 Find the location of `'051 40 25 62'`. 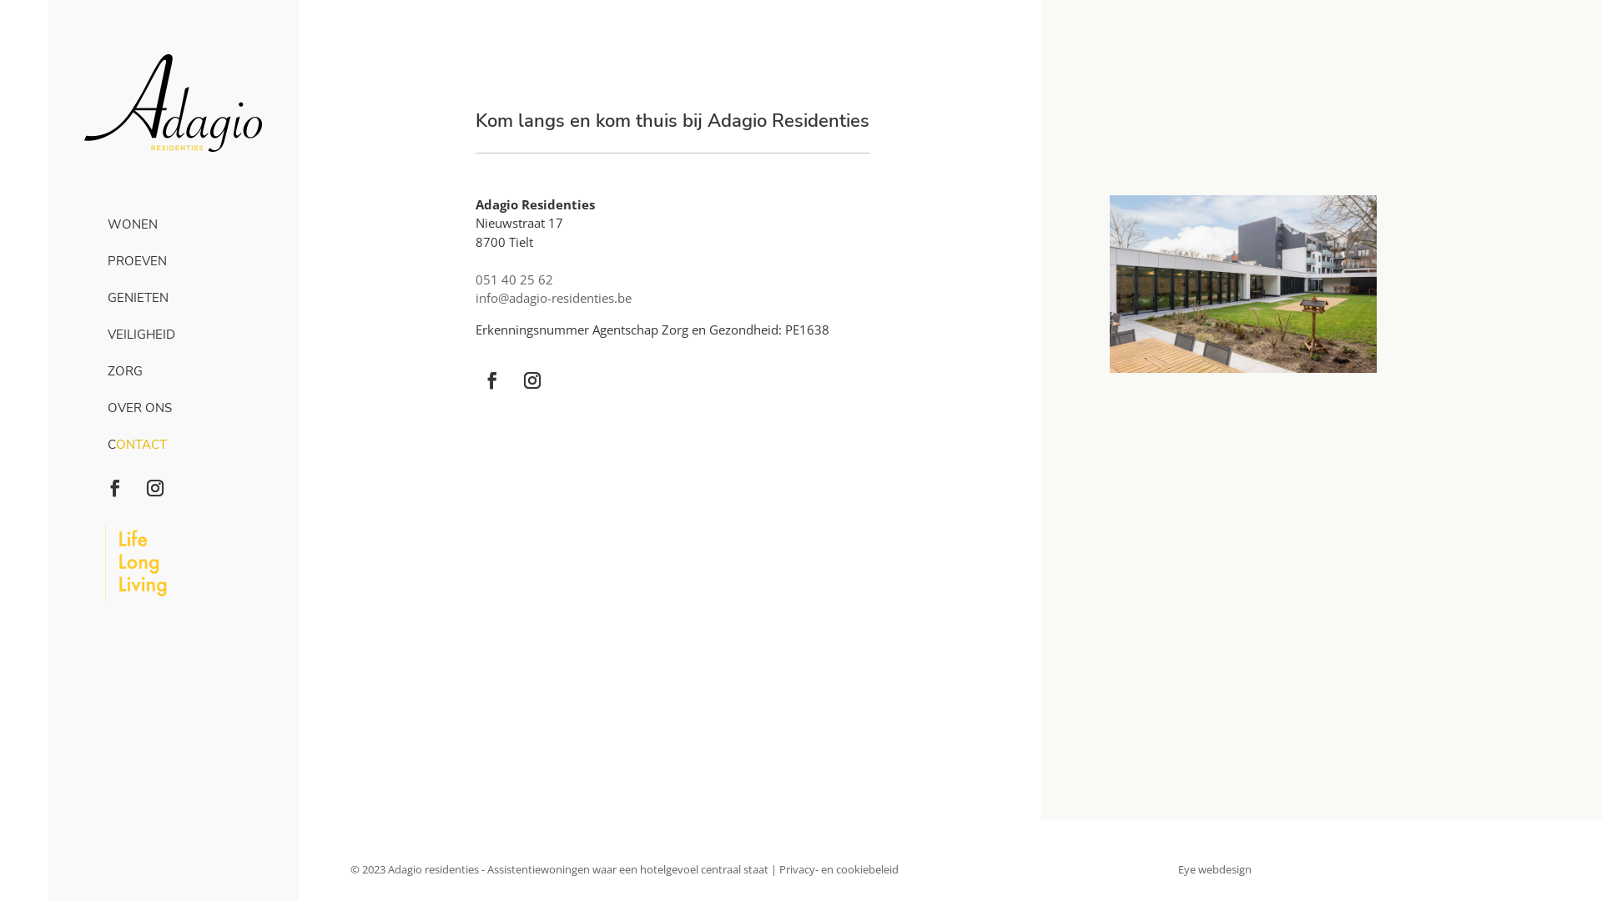

'051 40 25 62' is located at coordinates (513, 279).